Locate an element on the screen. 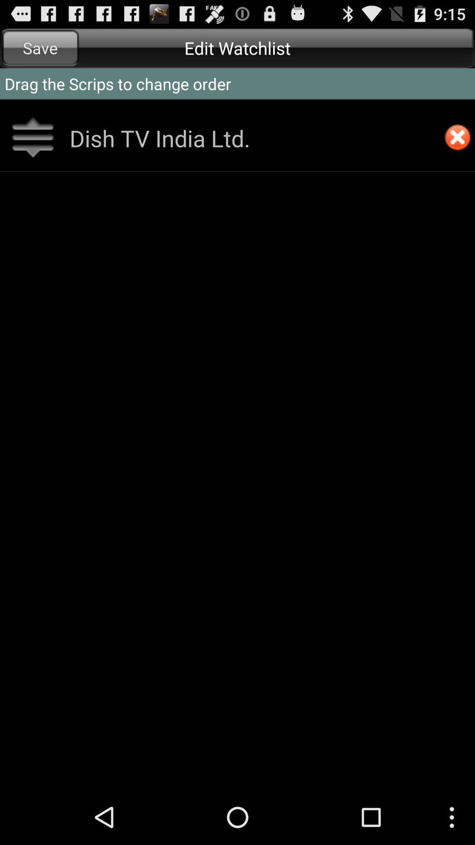 The image size is (475, 845). the icon at the top right corner is located at coordinates (457, 138).